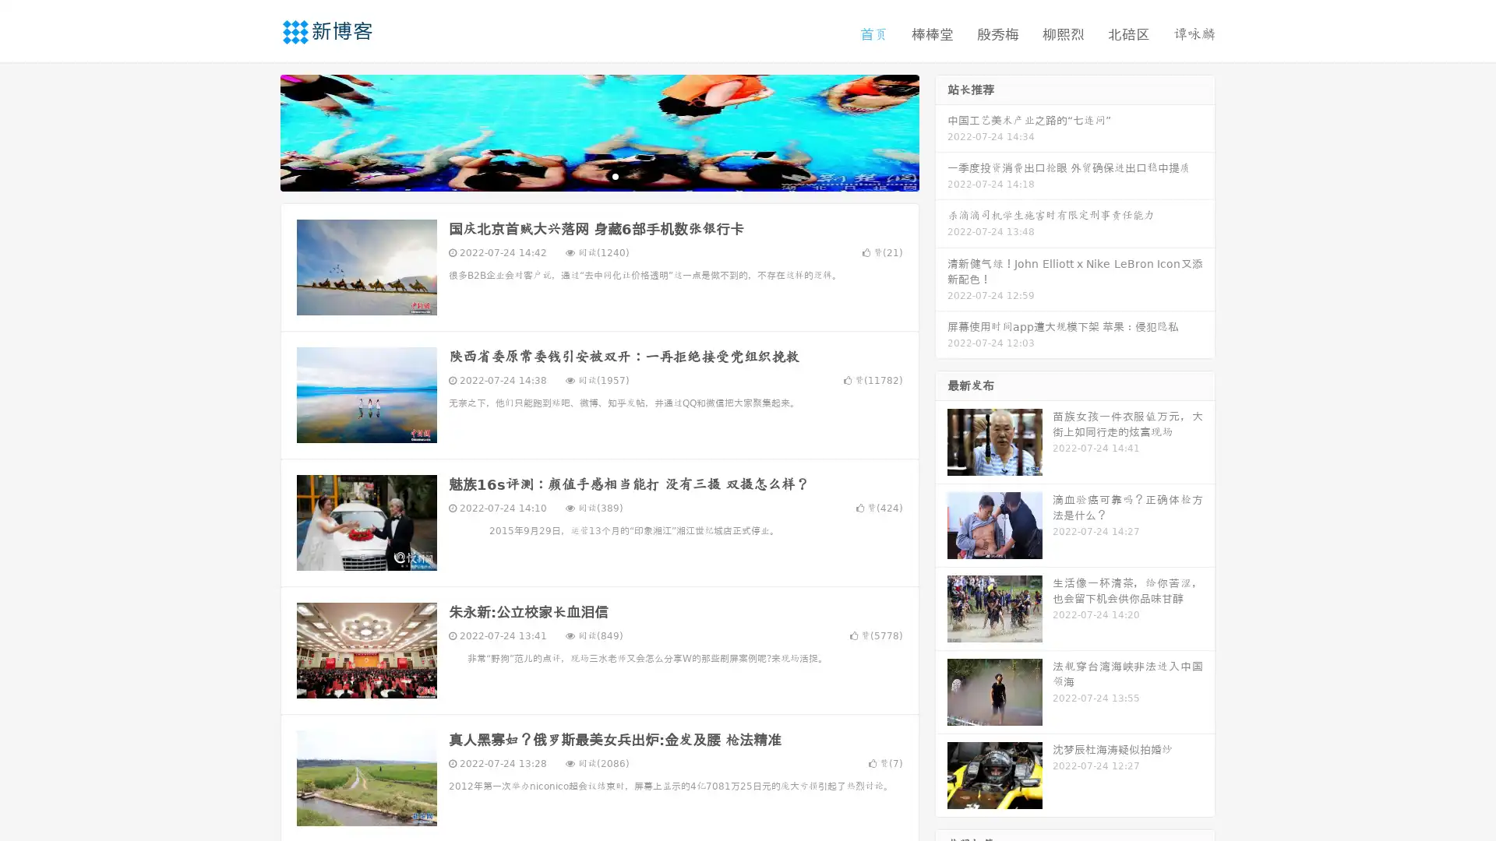 This screenshot has width=1496, height=841. I want to click on Previous slide, so click(257, 131).